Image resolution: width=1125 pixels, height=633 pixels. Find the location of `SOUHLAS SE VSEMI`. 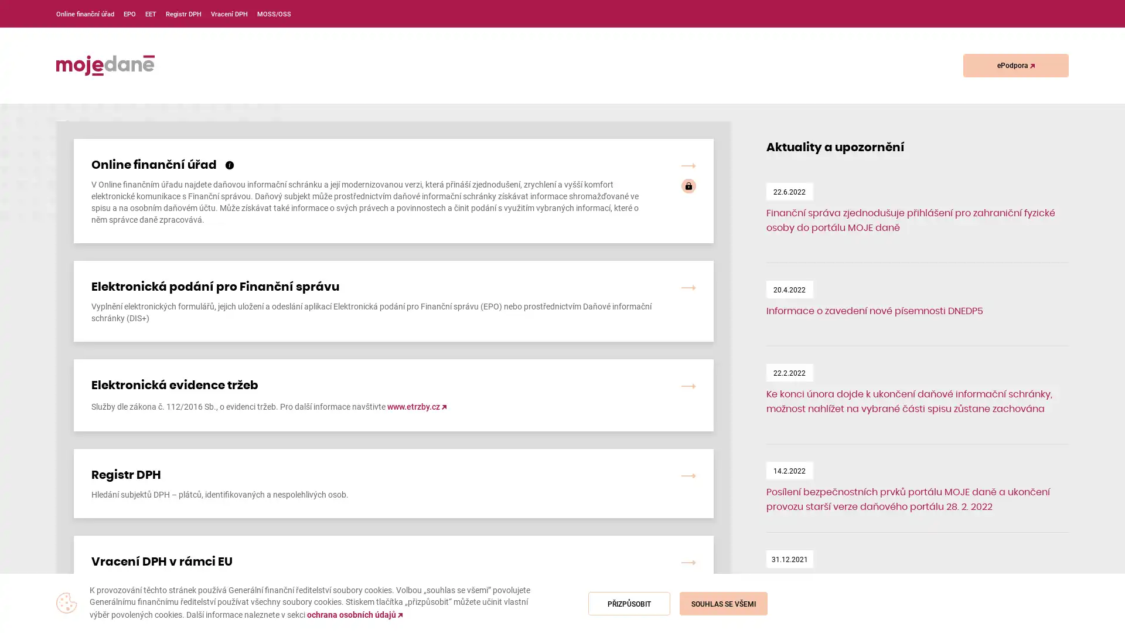

SOUHLAS SE VSEMI is located at coordinates (722, 603).